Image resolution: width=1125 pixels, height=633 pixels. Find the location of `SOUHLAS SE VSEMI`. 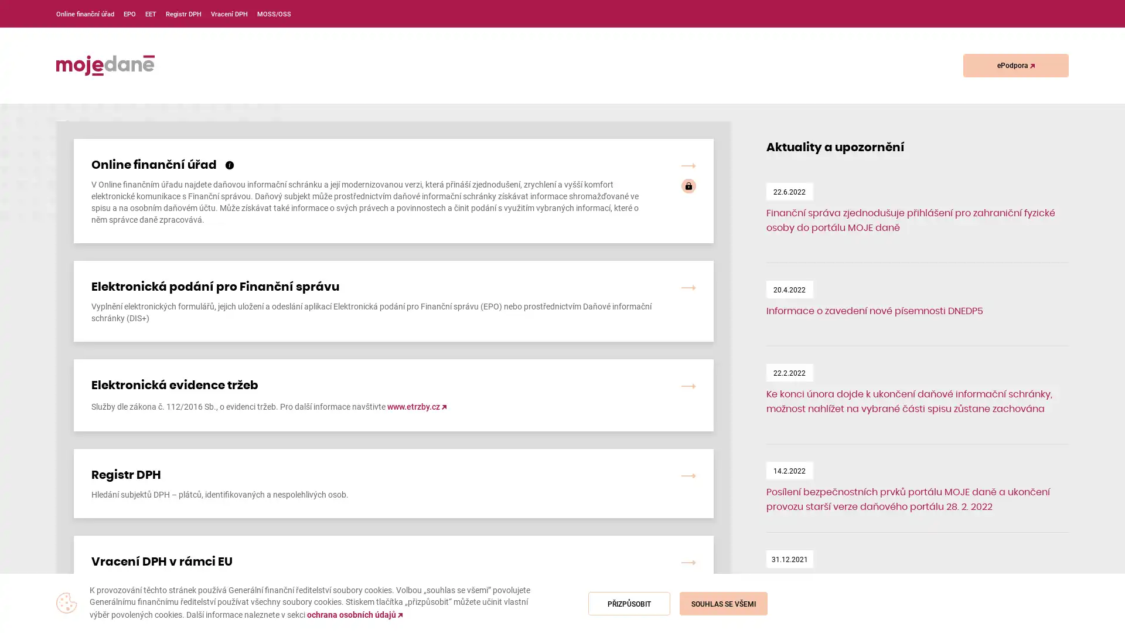

SOUHLAS SE VSEMI is located at coordinates (722, 603).